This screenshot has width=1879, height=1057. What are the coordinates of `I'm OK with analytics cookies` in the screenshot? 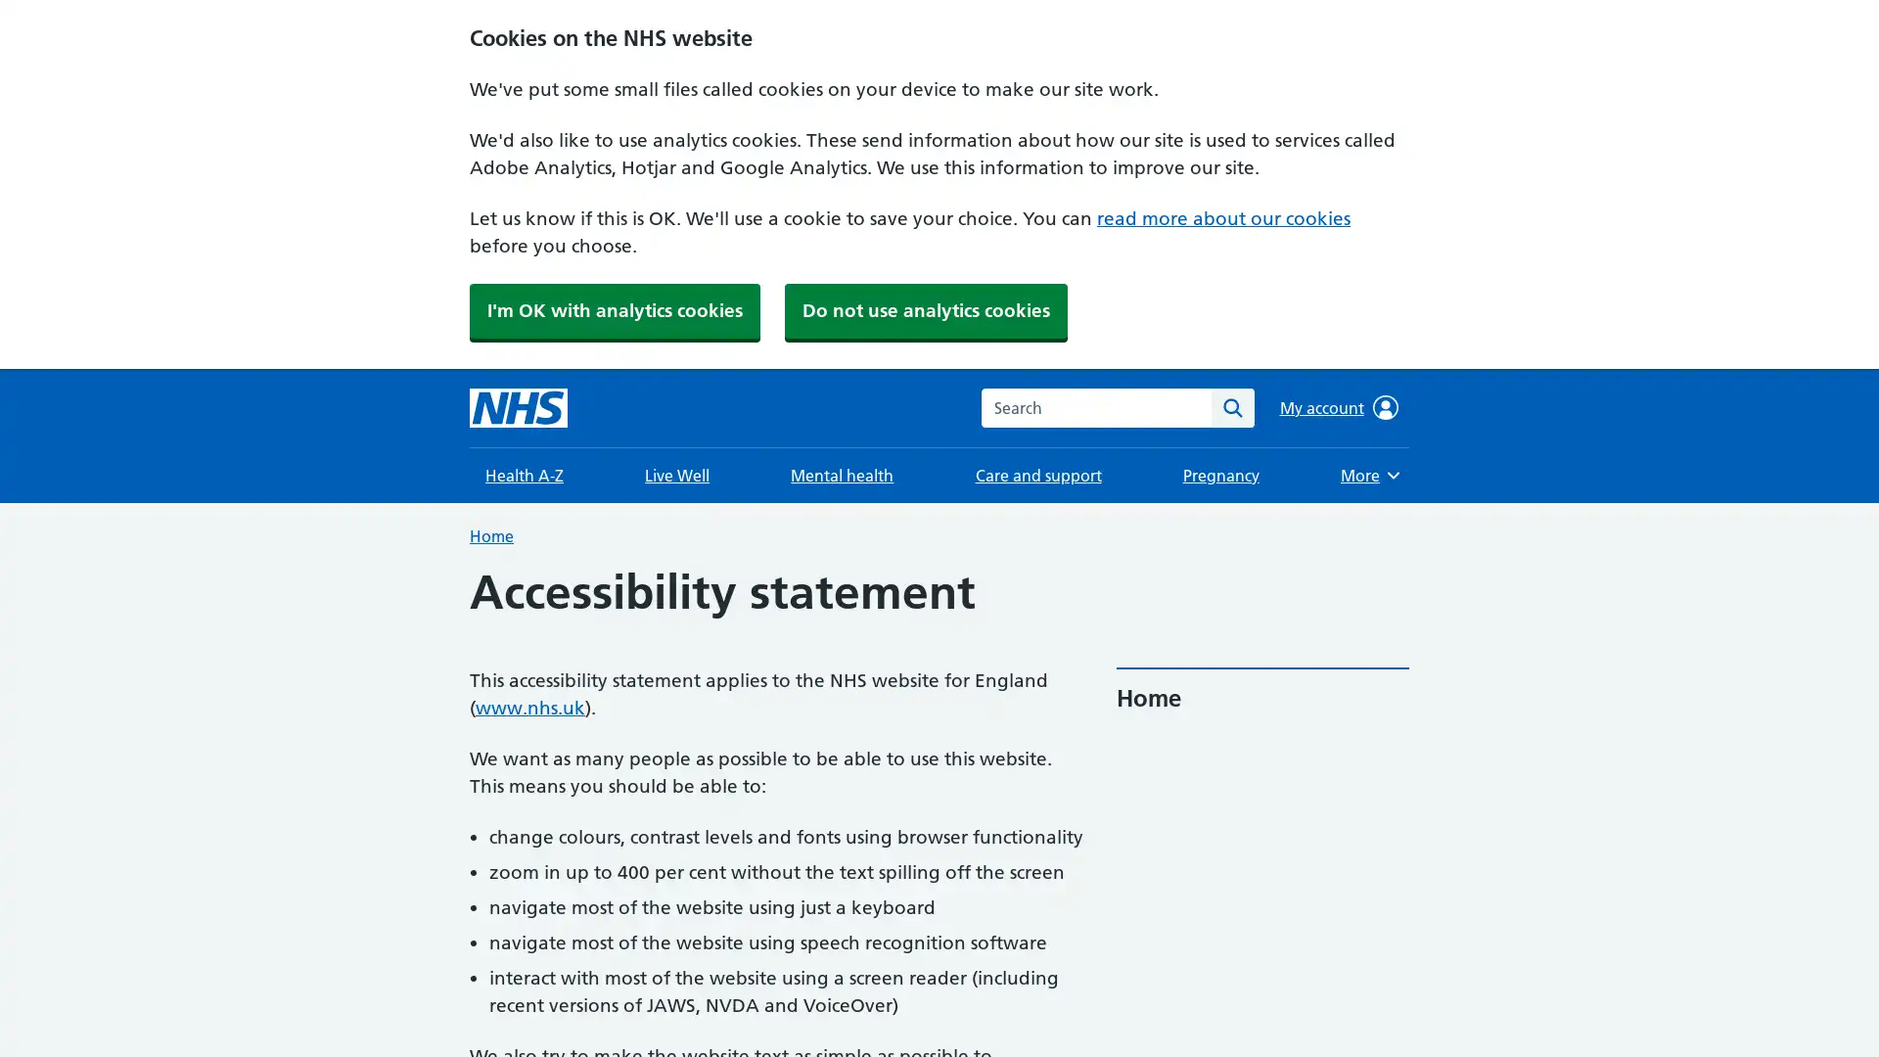 It's located at (614, 309).